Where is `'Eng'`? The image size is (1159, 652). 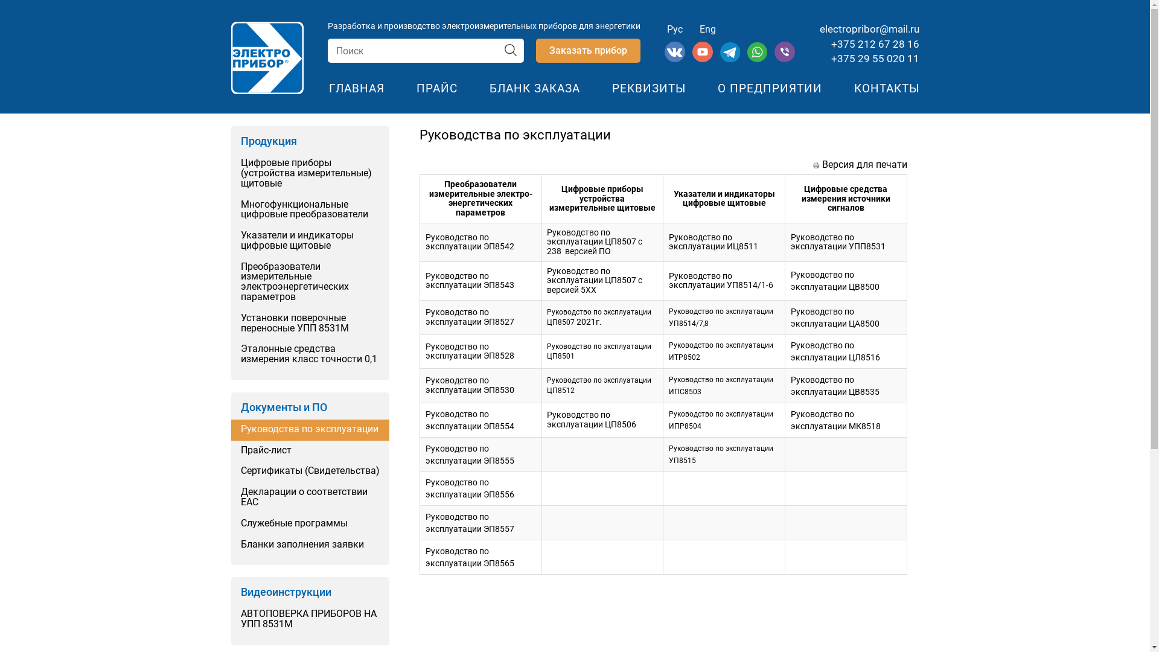 'Eng' is located at coordinates (707, 28).